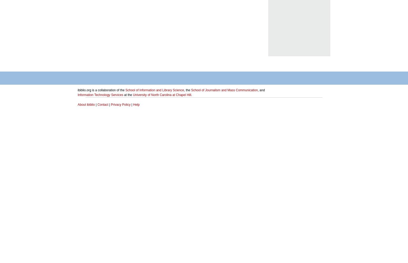 The height and width of the screenshot is (263, 408). What do you see at coordinates (123, 95) in the screenshot?
I see `'at the'` at bounding box center [123, 95].